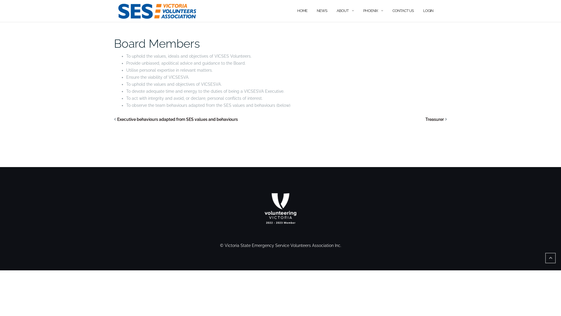  I want to click on 'HOME', so click(302, 11).